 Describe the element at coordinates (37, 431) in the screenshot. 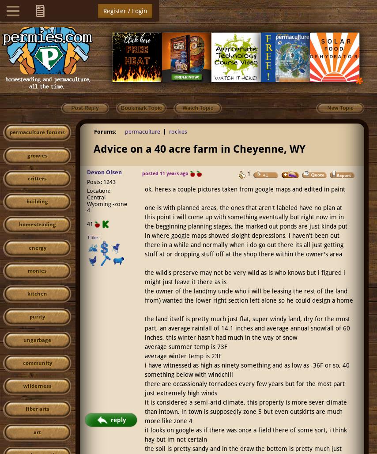

I see `'art'` at that location.